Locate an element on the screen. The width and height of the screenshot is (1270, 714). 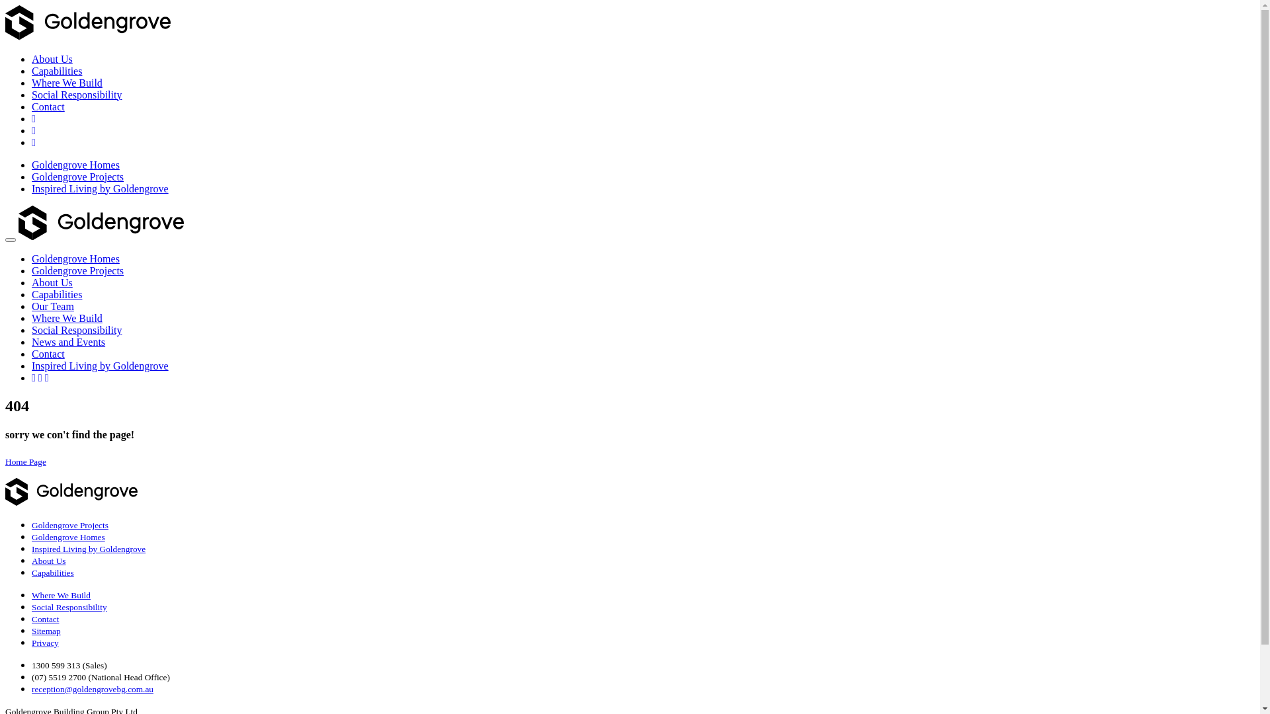
'Inspired Living by Goldengrove' is located at coordinates (99, 366).